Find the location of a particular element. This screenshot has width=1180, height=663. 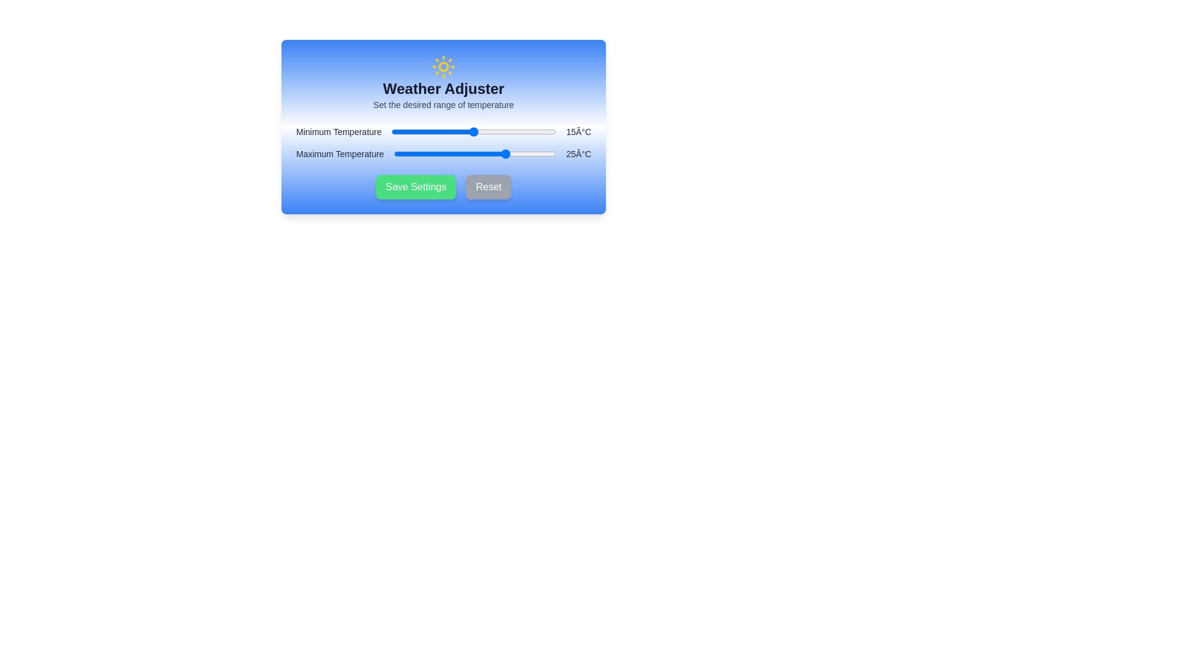

the 'Reset' button to revert changes is located at coordinates (488, 187).